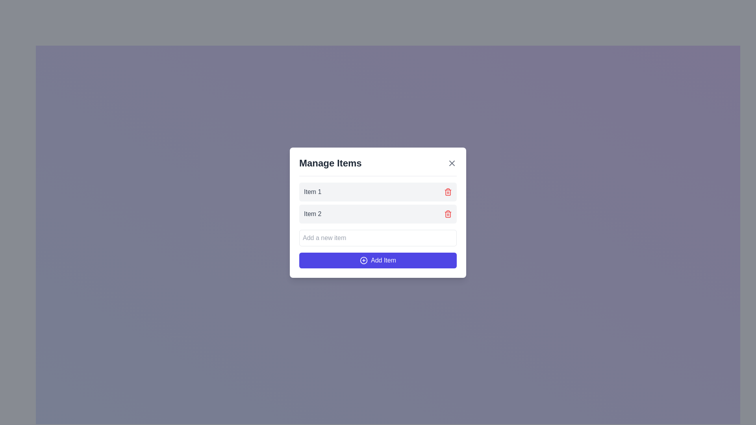 This screenshot has height=425, width=756. What do you see at coordinates (448, 214) in the screenshot?
I see `the delete button located at the rightmost part of the row containing the label 'Item 2'` at bounding box center [448, 214].